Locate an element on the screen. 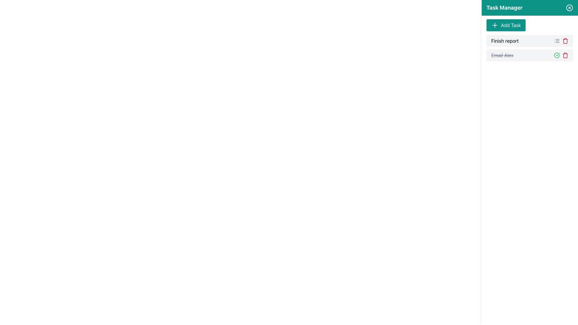 The width and height of the screenshot is (578, 325). the middle vertical line of the trash can icon, which represents the body section of the trash can in the SVG structure, indicating a delete action is located at coordinates (565, 56).